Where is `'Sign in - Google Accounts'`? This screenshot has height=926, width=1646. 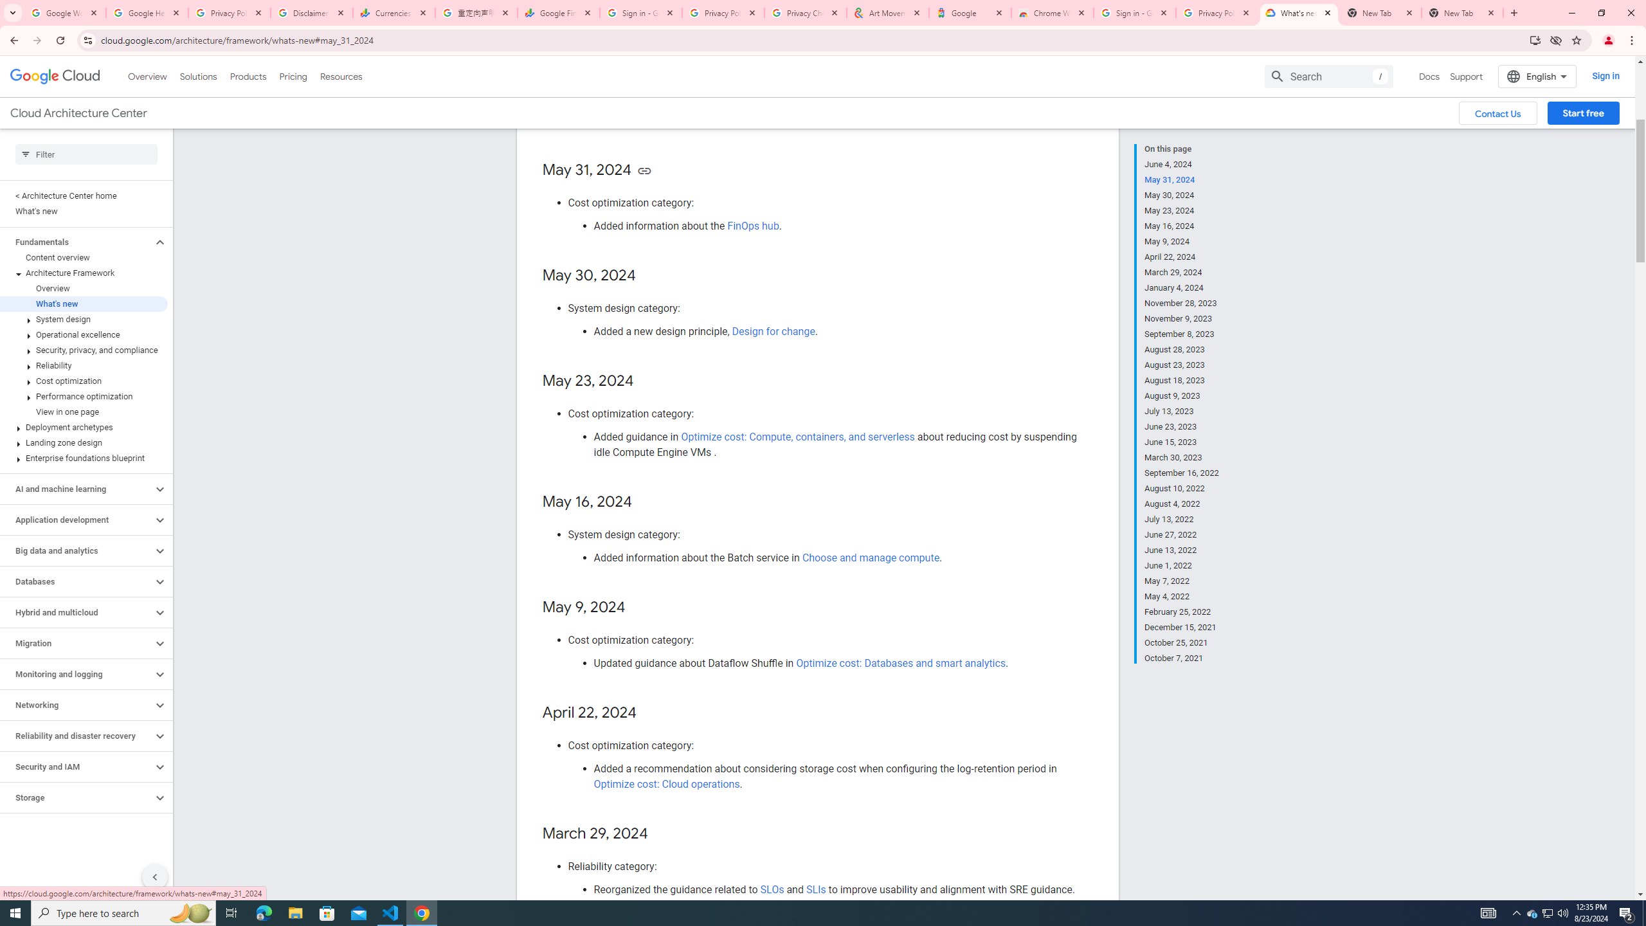 'Sign in - Google Accounts' is located at coordinates (1135, 12).